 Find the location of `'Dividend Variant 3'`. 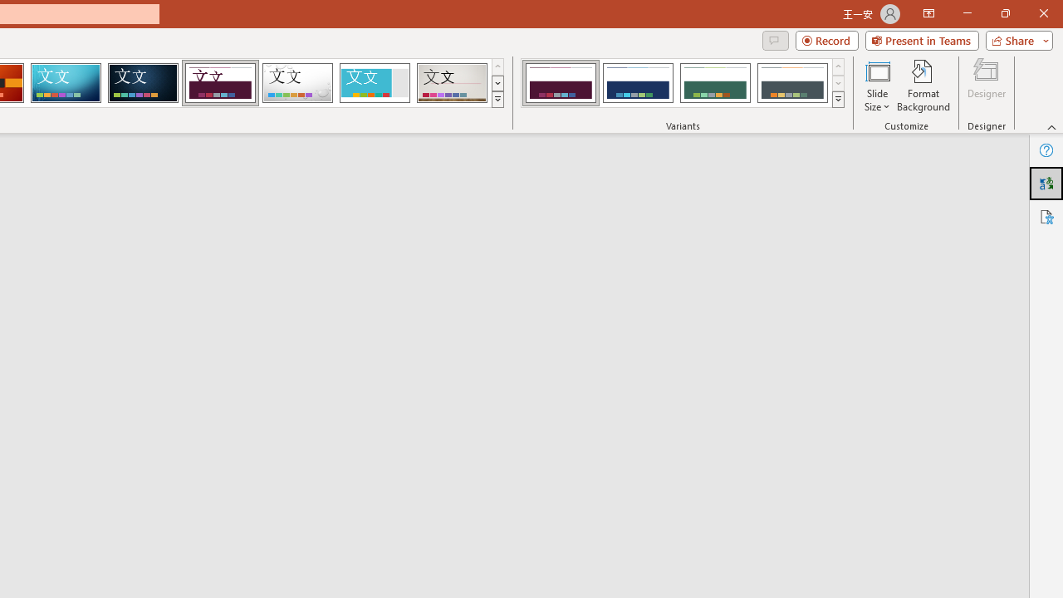

'Dividend Variant 3' is located at coordinates (715, 83).